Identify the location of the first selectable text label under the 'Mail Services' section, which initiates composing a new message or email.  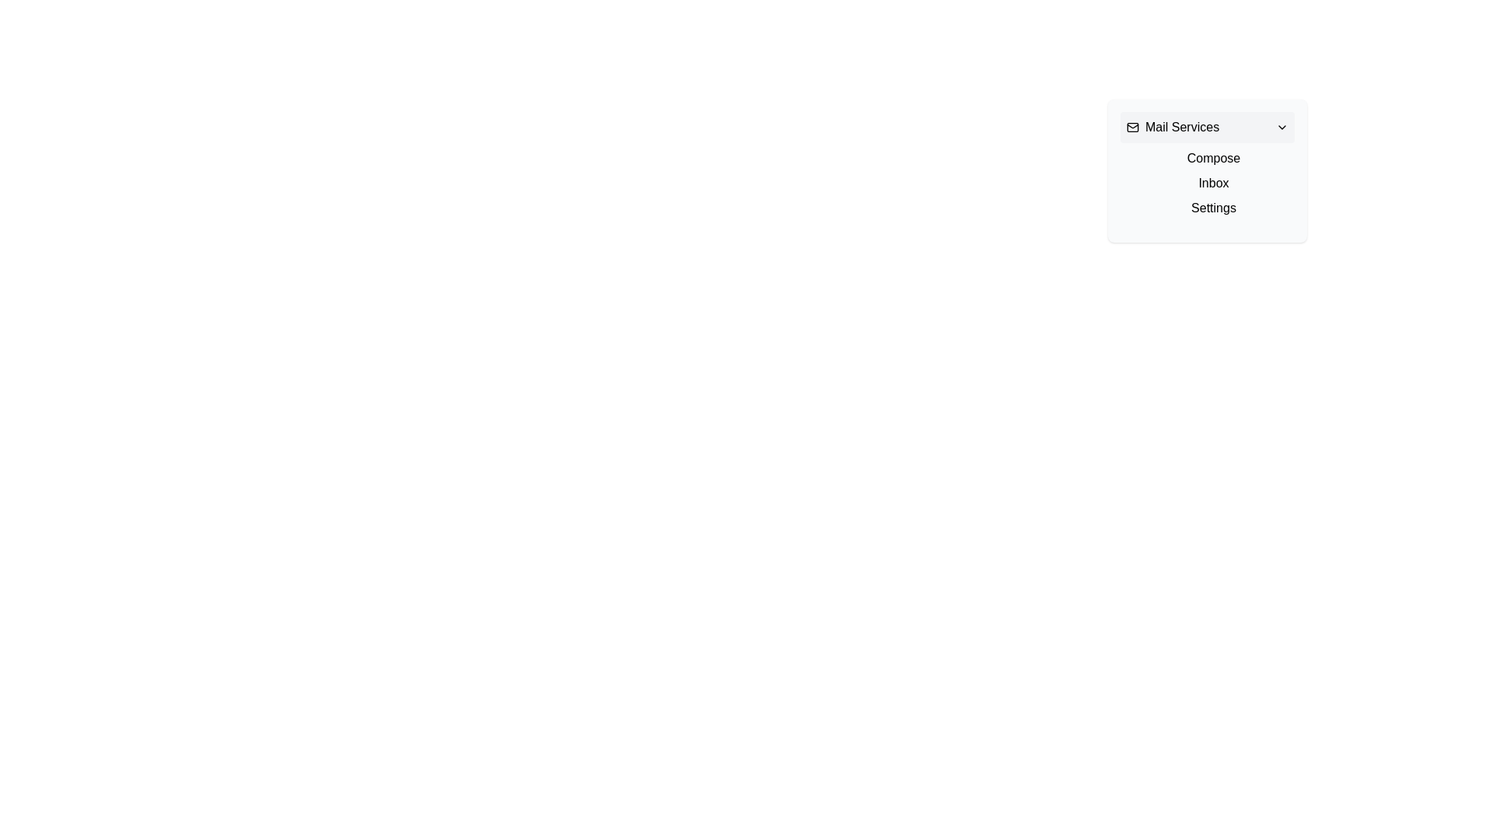
(1212, 159).